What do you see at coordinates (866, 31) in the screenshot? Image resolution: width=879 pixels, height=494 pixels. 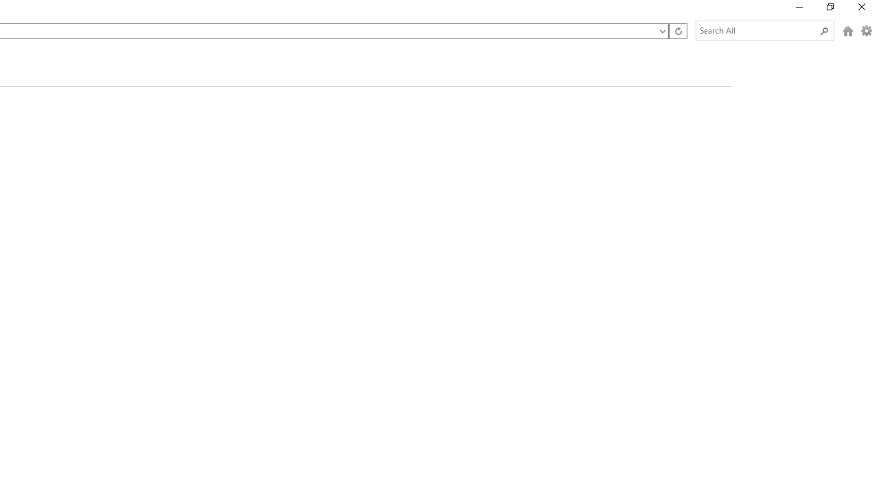 I see `'SettingsButtonToolbar'` at bounding box center [866, 31].